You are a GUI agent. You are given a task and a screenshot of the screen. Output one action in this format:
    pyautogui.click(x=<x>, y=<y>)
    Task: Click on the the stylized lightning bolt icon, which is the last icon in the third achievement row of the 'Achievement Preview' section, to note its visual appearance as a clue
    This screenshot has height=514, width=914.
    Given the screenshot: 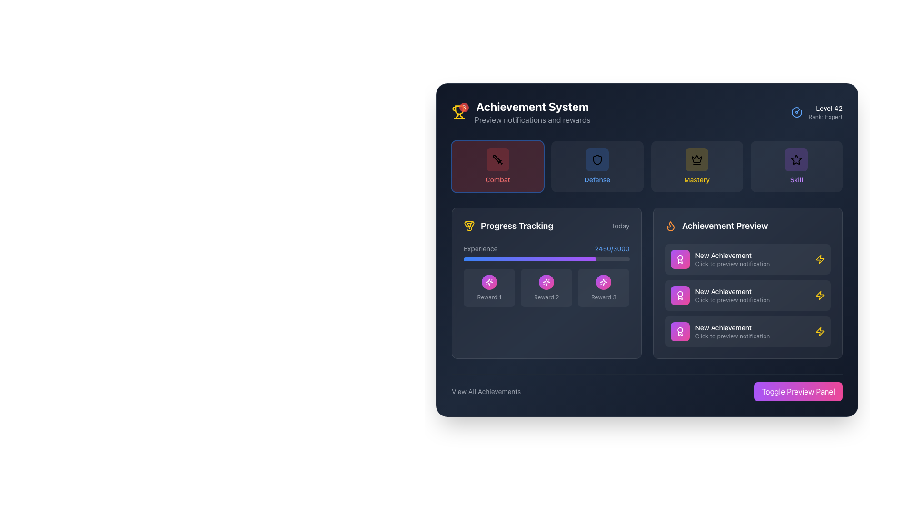 What is the action you would take?
    pyautogui.click(x=820, y=259)
    